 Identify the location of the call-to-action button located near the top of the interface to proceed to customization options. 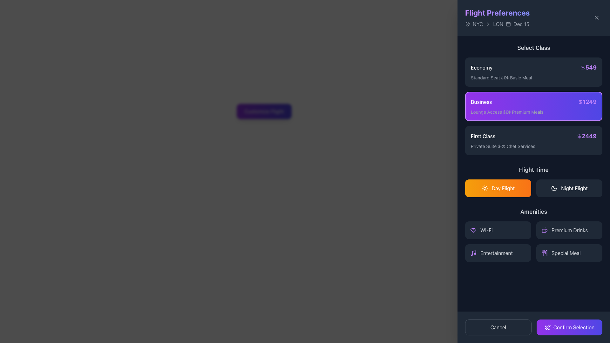
(264, 111).